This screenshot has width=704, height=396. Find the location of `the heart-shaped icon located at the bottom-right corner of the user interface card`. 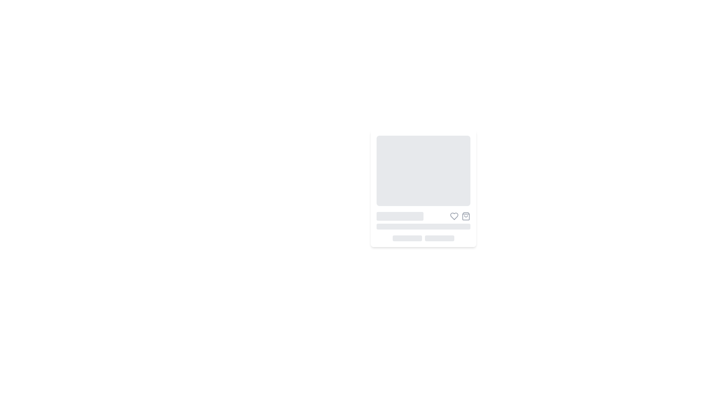

the heart-shaped icon located at the bottom-right corner of the user interface card is located at coordinates (454, 216).